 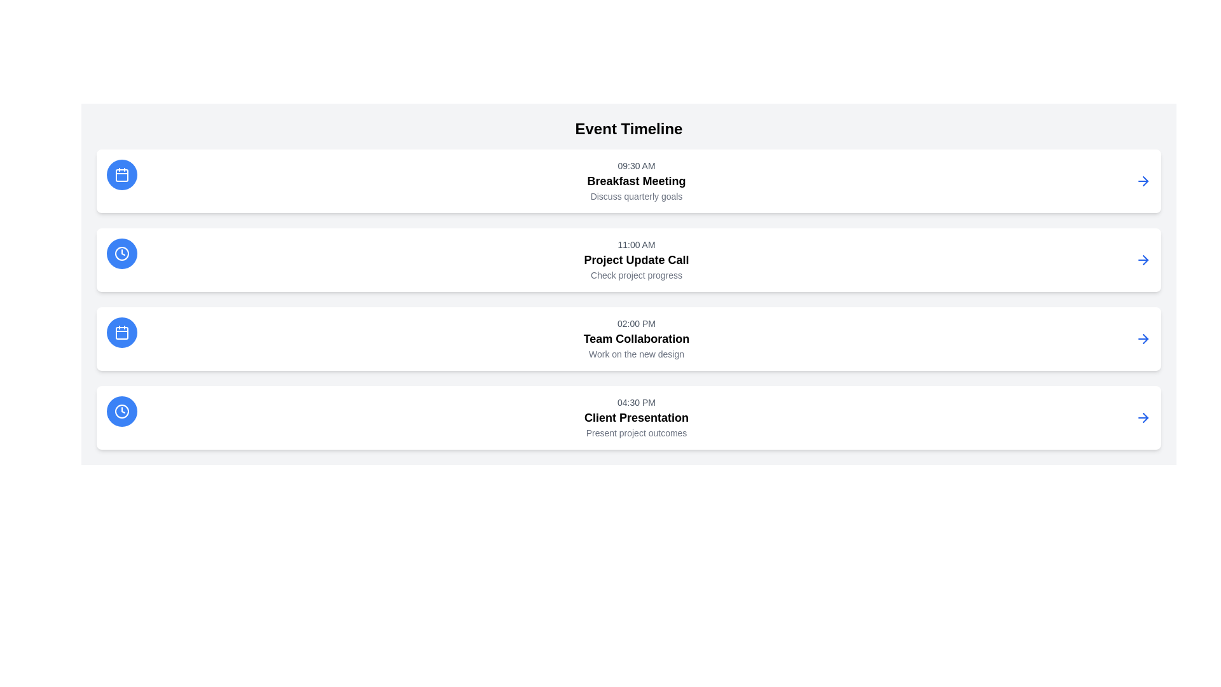 What do you see at coordinates (637, 417) in the screenshot?
I see `the descriptive text block that details the scheduled event in the fourth item of the vertical timeline` at bounding box center [637, 417].